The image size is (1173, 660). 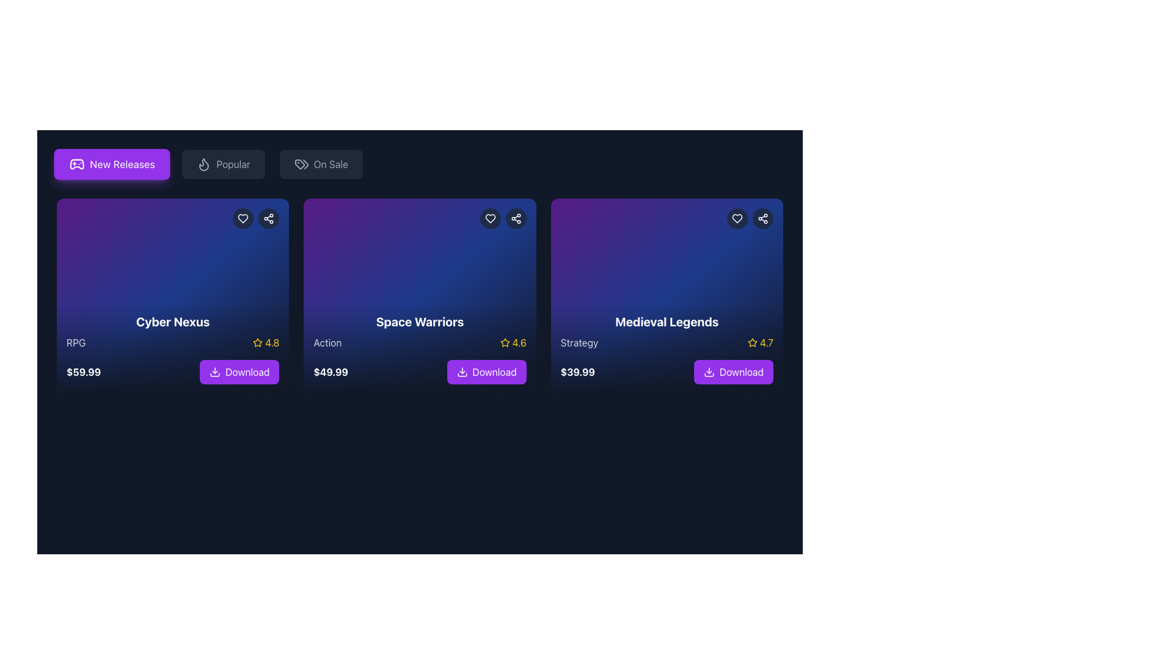 What do you see at coordinates (233, 164) in the screenshot?
I see `the 'Popular' text label within the button` at bounding box center [233, 164].